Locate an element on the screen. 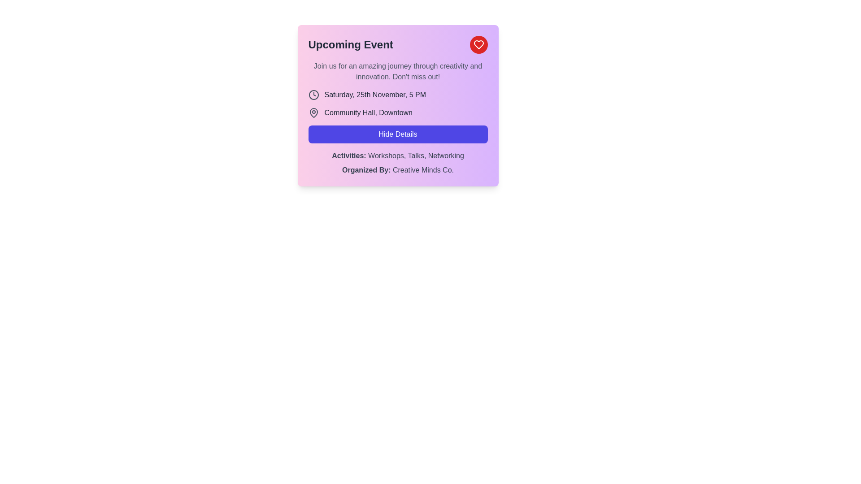  the Informational Text Block located at the bottom of the card layout, below the 'Hide Details' button is located at coordinates (397, 163).